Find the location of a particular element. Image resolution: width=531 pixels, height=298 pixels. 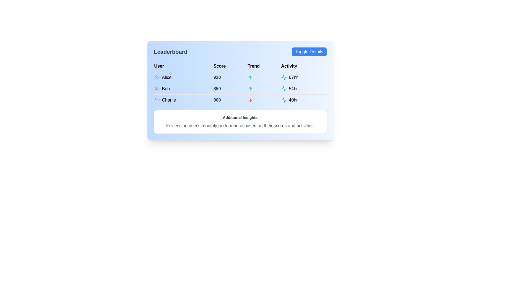

the second row in the leaderboard table is located at coordinates (240, 88).